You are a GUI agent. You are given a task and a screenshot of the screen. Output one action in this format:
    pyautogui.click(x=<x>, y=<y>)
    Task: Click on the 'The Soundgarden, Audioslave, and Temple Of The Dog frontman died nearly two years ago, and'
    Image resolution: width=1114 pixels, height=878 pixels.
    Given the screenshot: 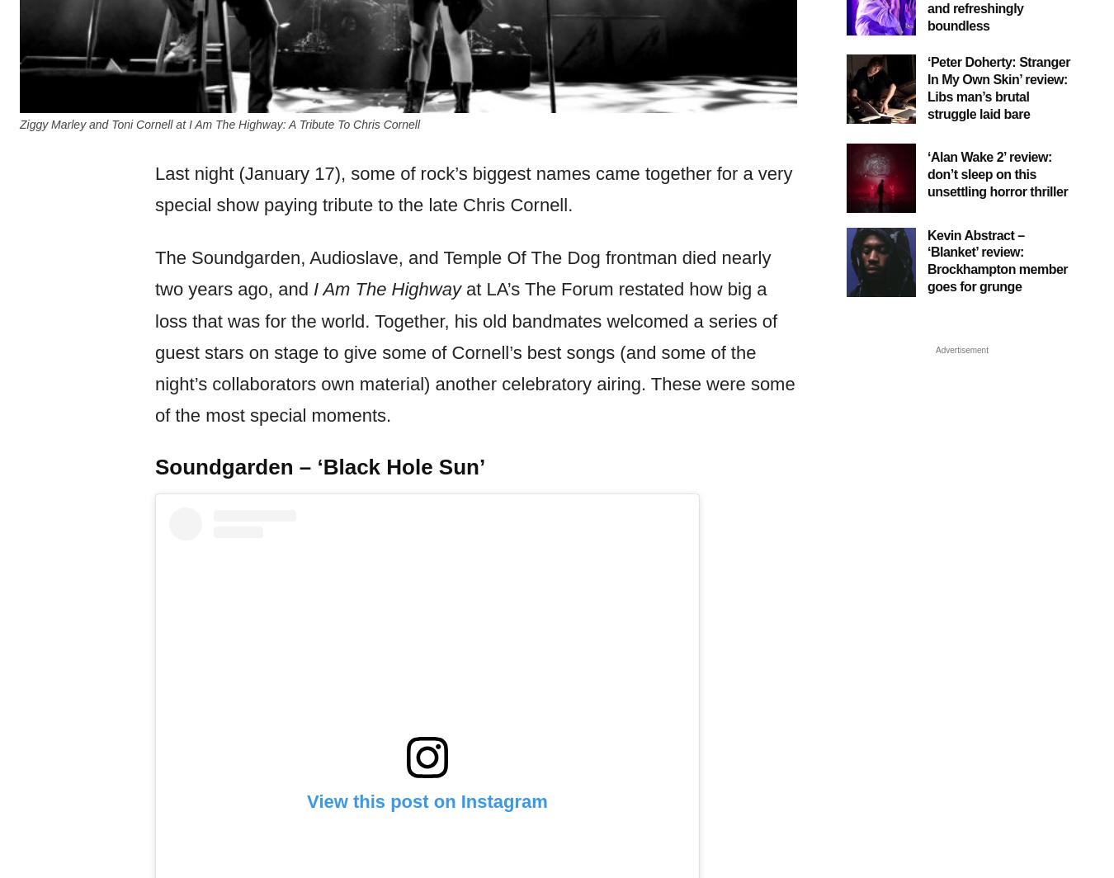 What is the action you would take?
    pyautogui.click(x=462, y=273)
    